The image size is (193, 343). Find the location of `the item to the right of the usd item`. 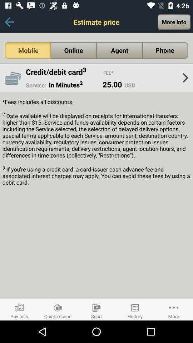

the item to the right of the usd item is located at coordinates (185, 78).